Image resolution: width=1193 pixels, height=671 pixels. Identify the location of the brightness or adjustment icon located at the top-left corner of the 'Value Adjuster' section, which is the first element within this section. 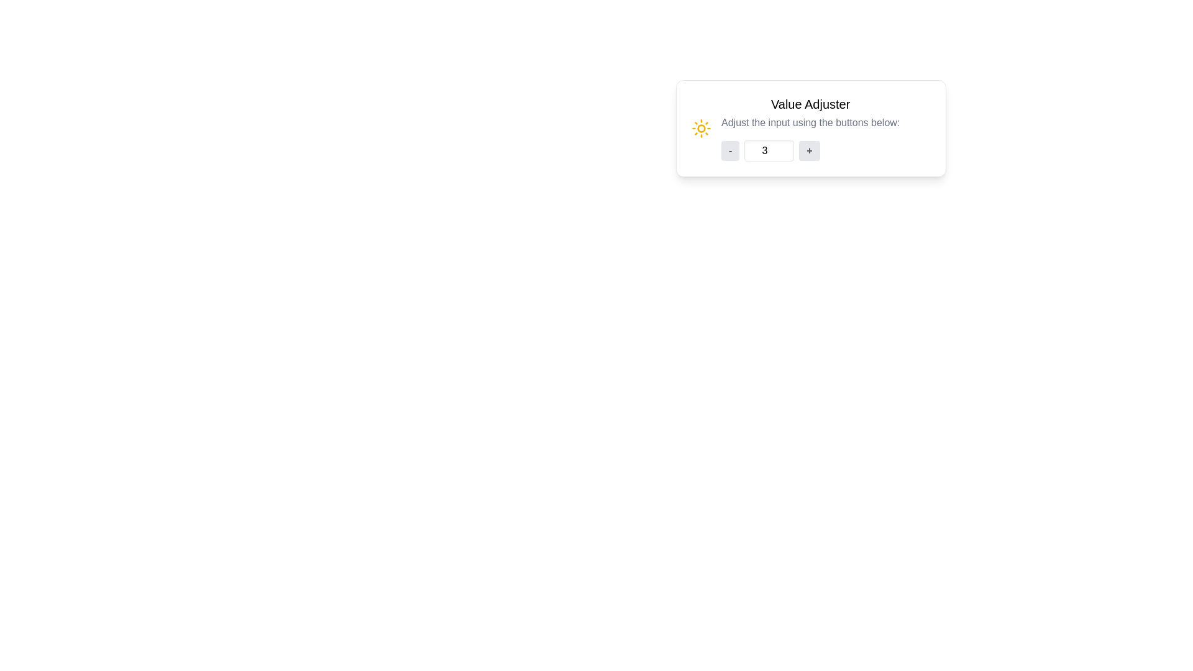
(701, 129).